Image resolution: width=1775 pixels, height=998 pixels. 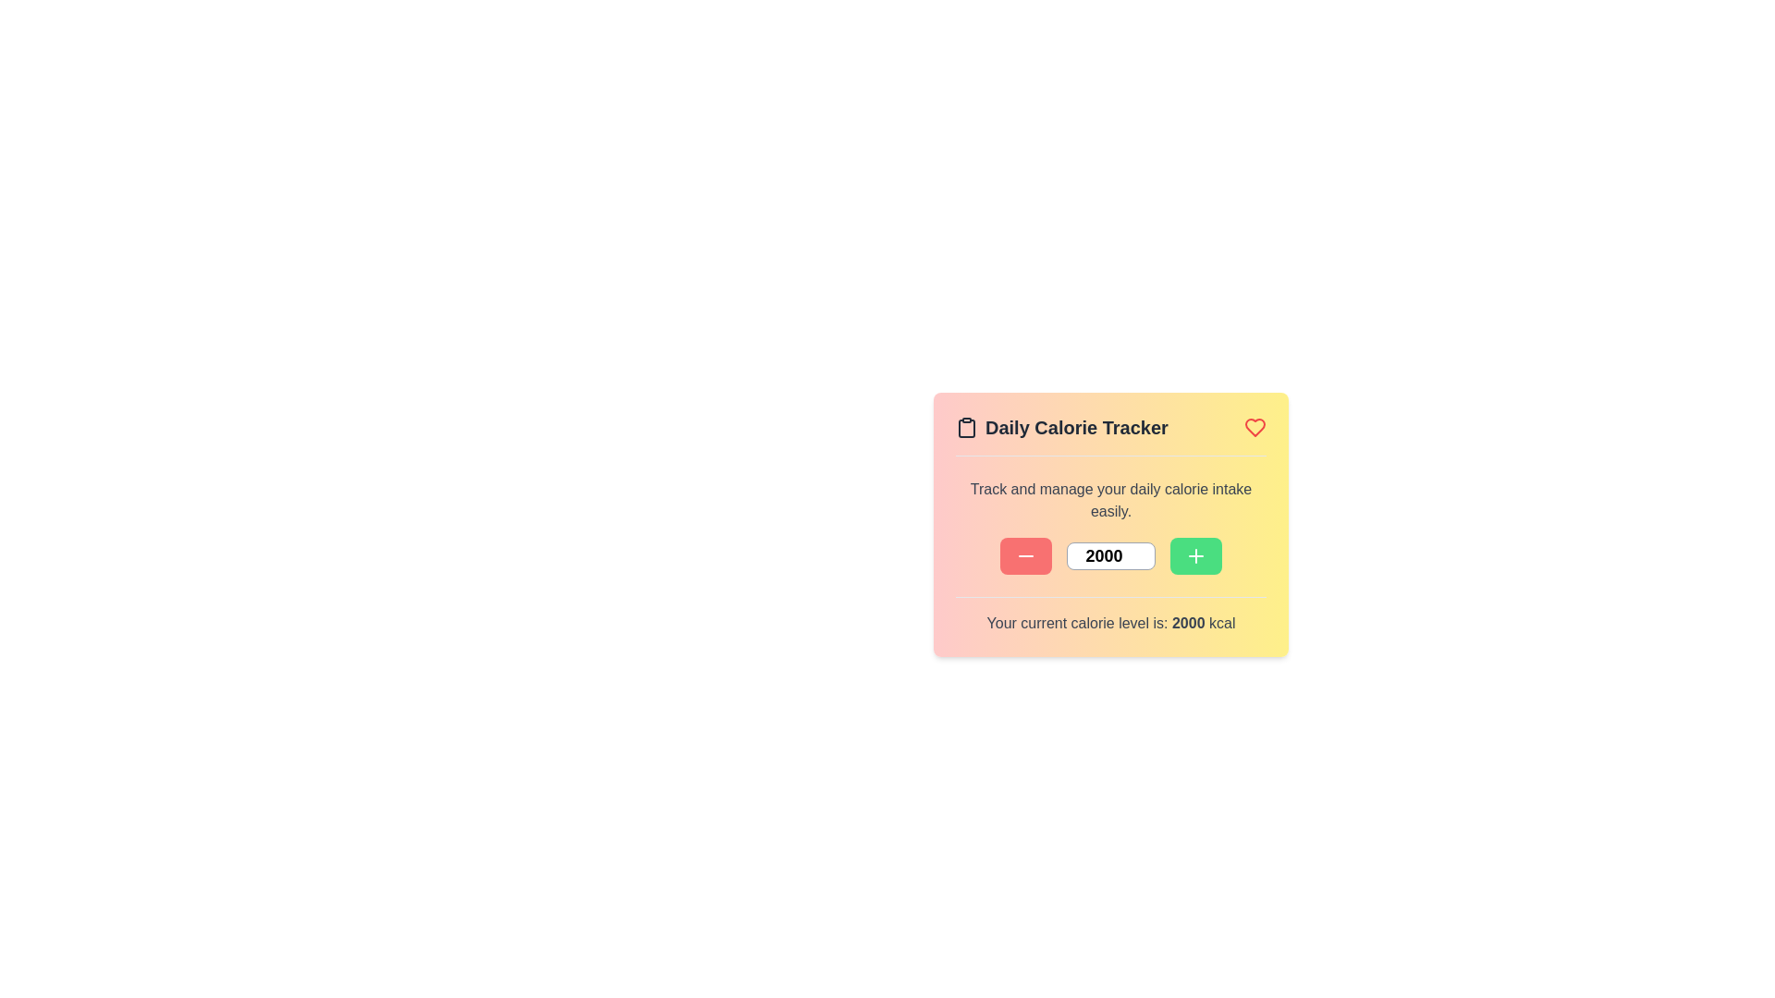 I want to click on the current visual state of the heart-shaped icon located in the top-right corner of the 'Daily Calorie Tracker' card, so click(x=1255, y=427).